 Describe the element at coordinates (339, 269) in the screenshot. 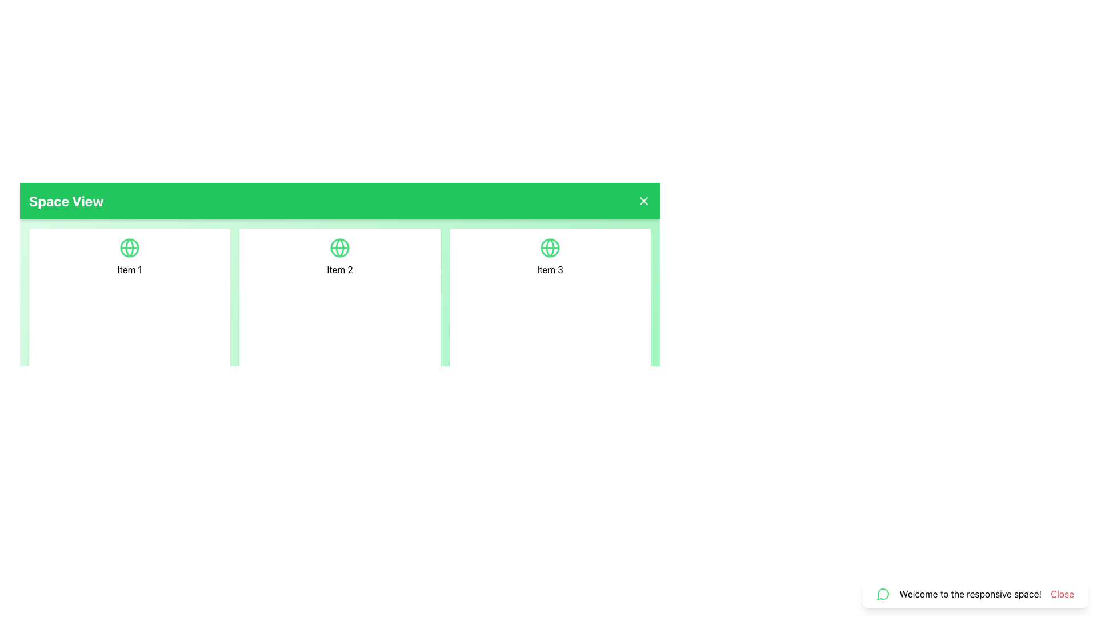

I see `text label that displays 'Item 2', located below the globe icon in a horizontal arrangement of three items` at that location.